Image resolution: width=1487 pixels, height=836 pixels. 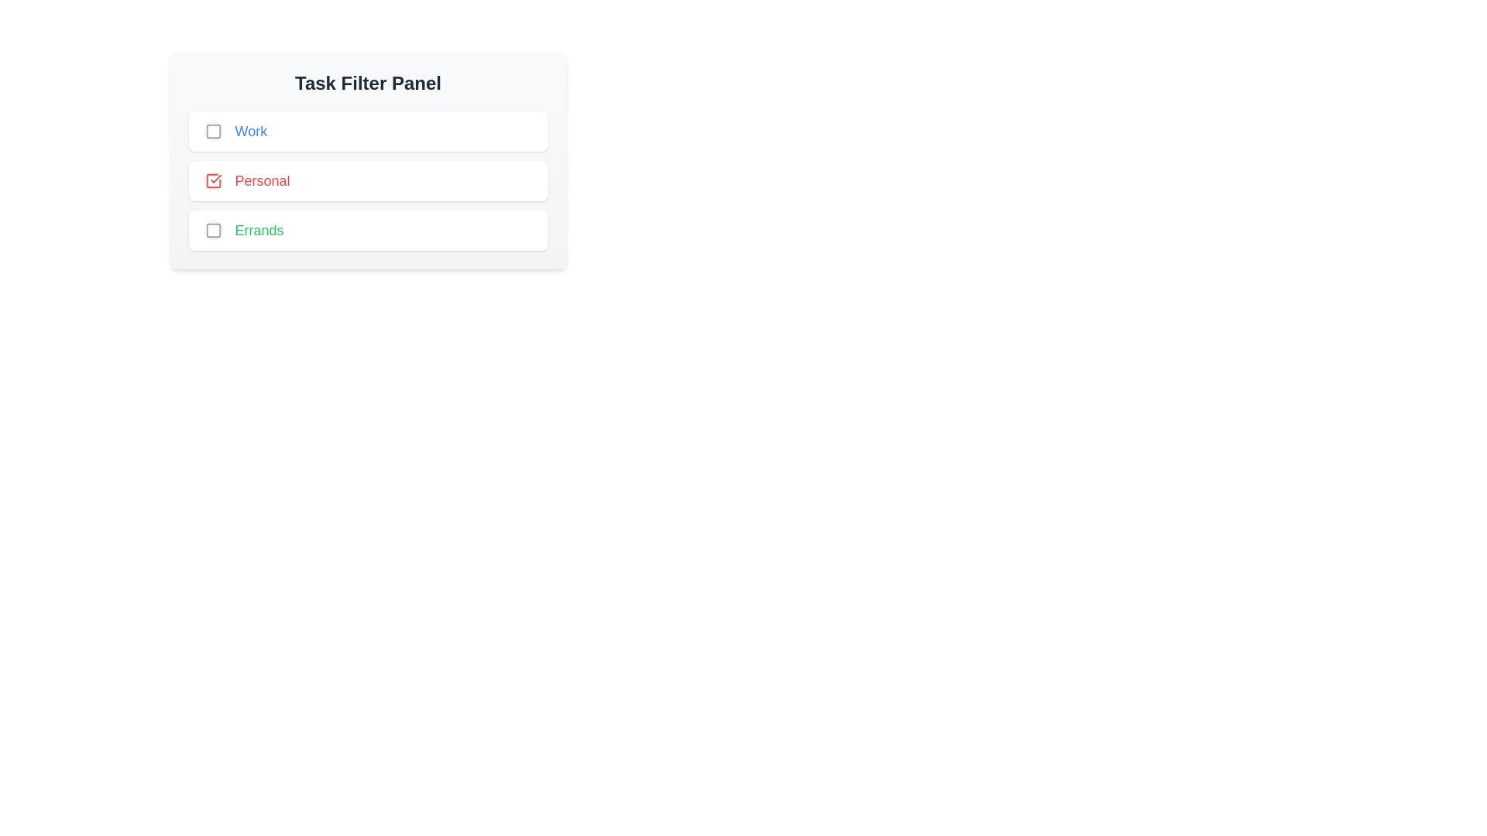 What do you see at coordinates (367, 180) in the screenshot?
I see `the checkbox in the 'Personal' filter button, which is the second option in the Task Filter Panel` at bounding box center [367, 180].